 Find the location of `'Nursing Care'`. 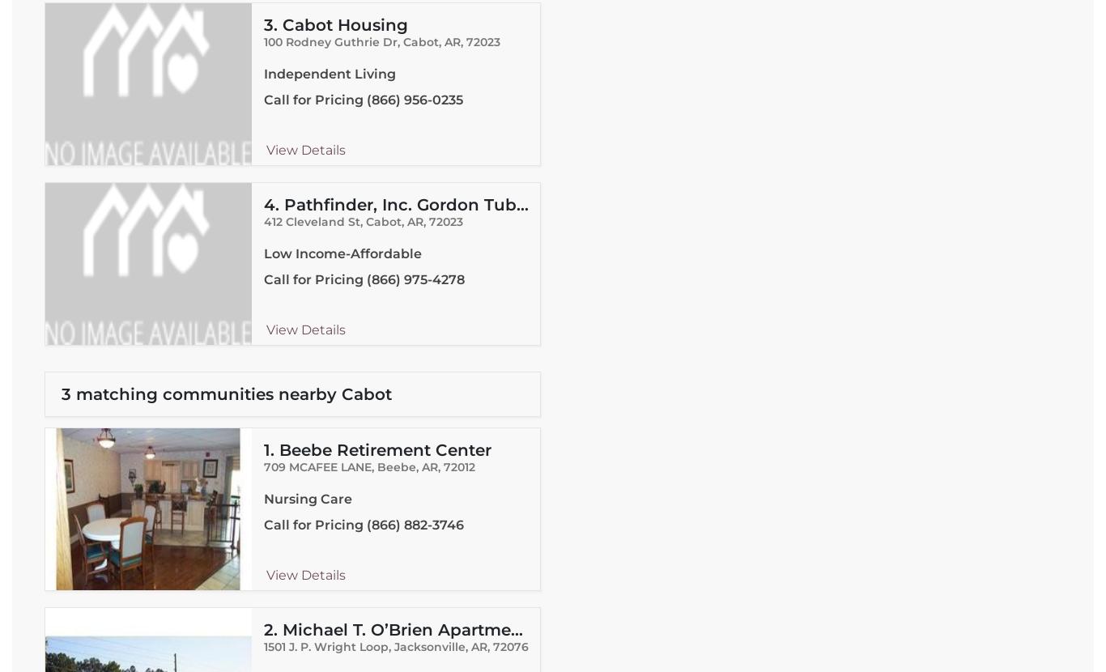

'Nursing Care' is located at coordinates (306, 499).